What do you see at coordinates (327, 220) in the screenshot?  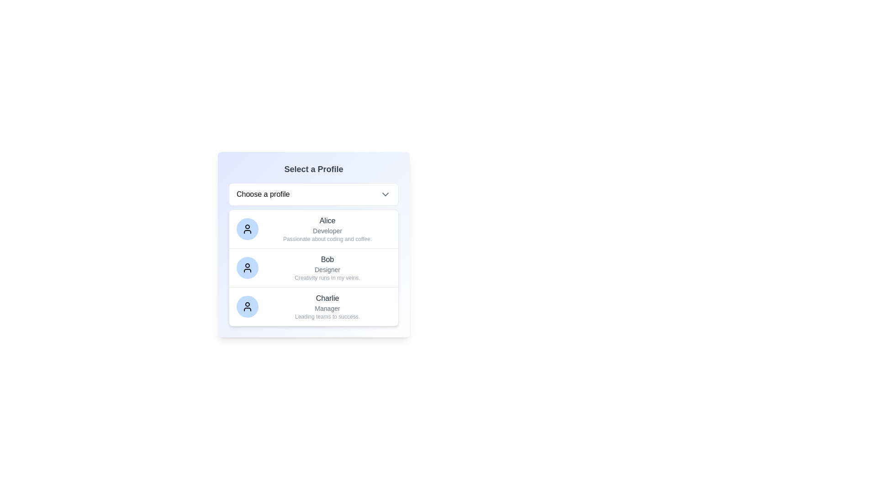 I see `static text label that displays the name 'Alice' in bold gray text, located at the top-left of the entry card in the profile list interface` at bounding box center [327, 220].